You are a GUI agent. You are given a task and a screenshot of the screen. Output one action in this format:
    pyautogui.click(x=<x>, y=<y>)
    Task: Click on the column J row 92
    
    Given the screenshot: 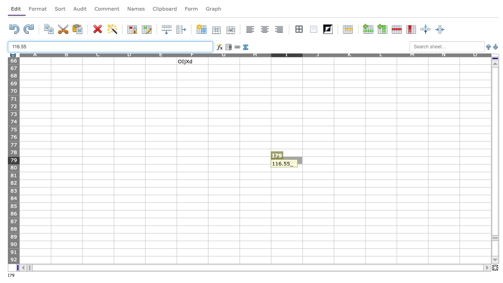 What is the action you would take?
    pyautogui.click(x=318, y=260)
    